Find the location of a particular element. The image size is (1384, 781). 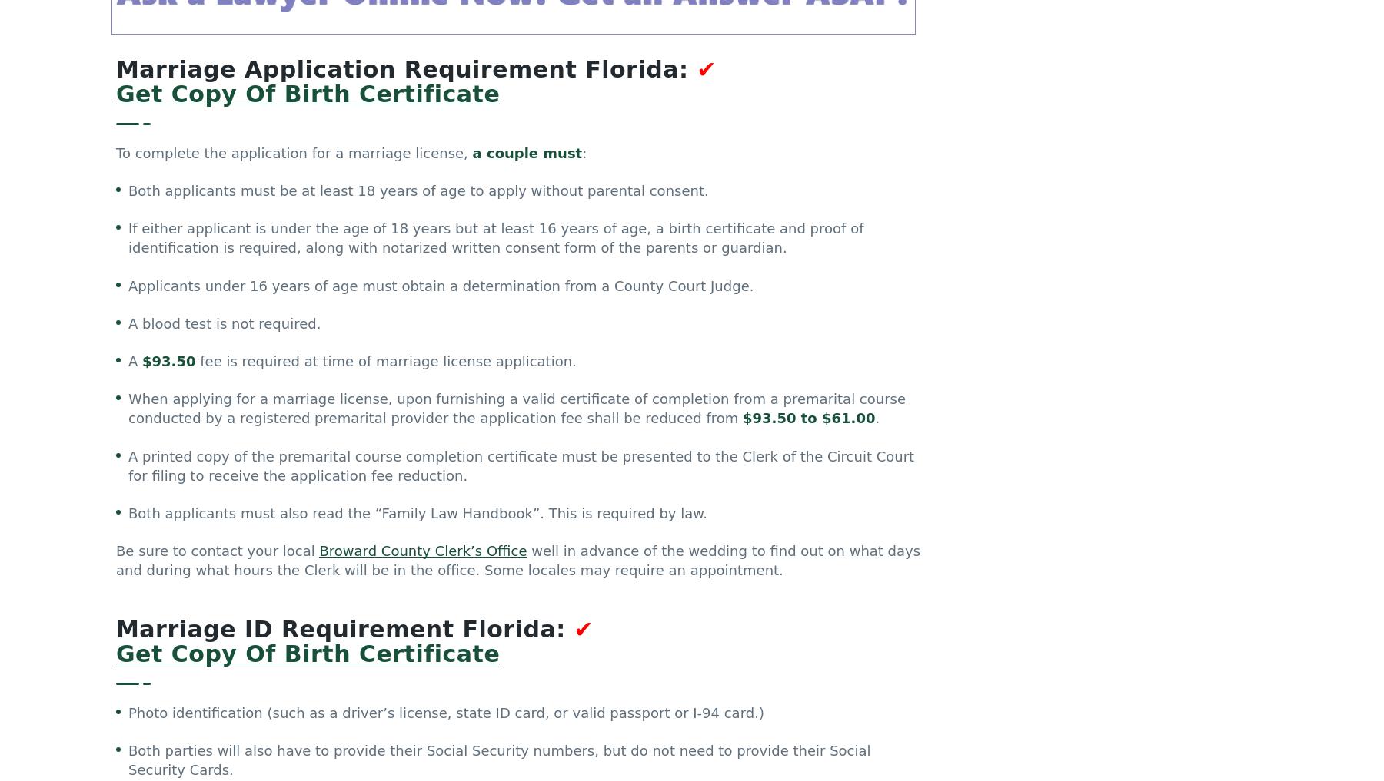

'well in advance of the wedding to find out on what days and during what hours the Clerk will be in the office. Some locales may require an appointment.' is located at coordinates (517, 562).